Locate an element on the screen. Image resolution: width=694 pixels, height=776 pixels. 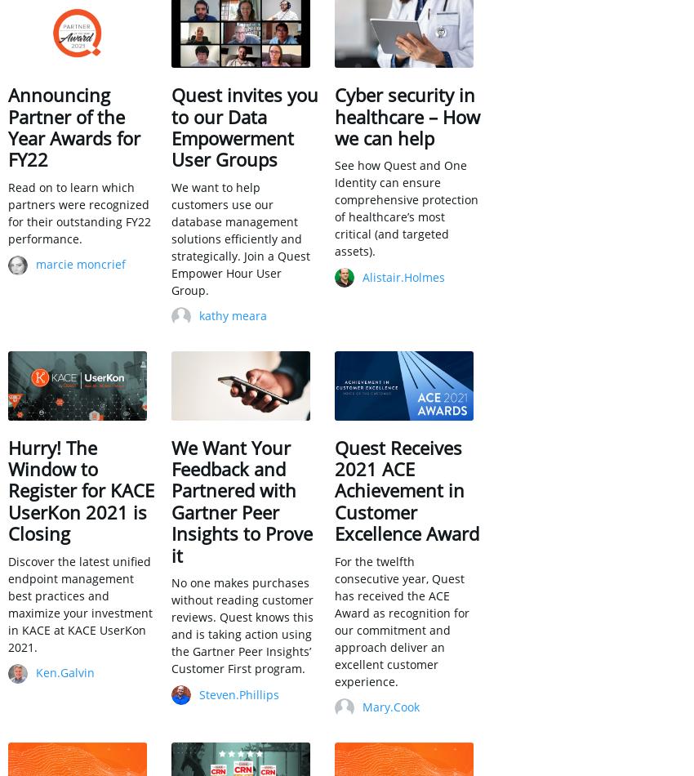
'Steven.Phillips' is located at coordinates (238, 693).